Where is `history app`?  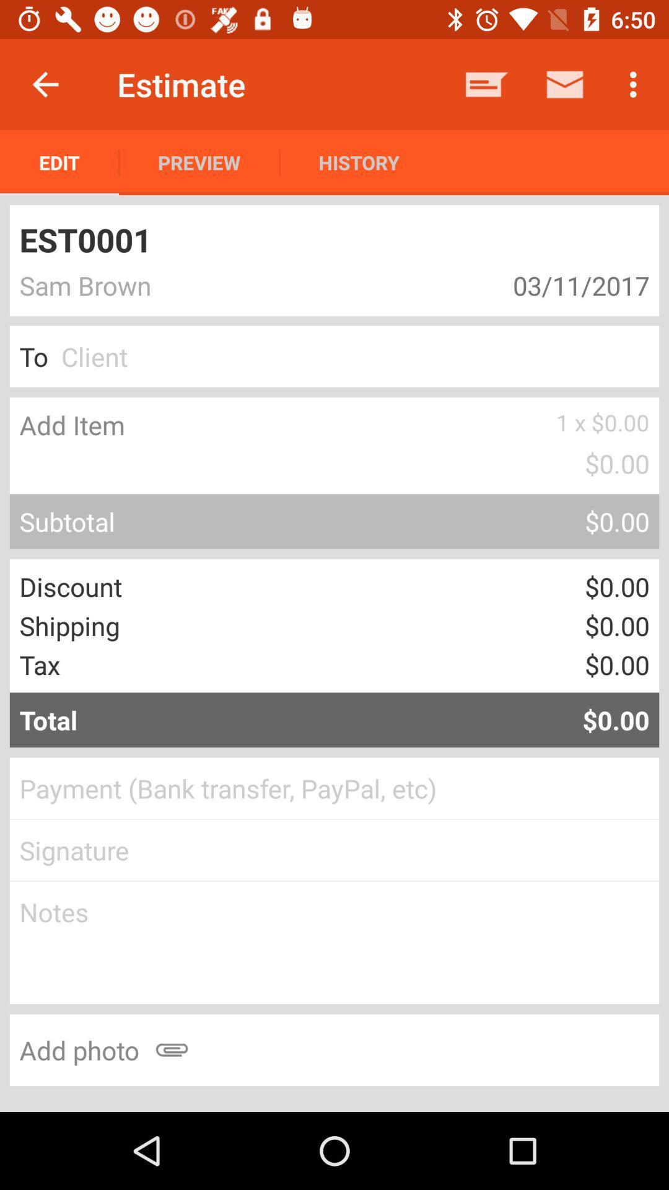
history app is located at coordinates (359, 162).